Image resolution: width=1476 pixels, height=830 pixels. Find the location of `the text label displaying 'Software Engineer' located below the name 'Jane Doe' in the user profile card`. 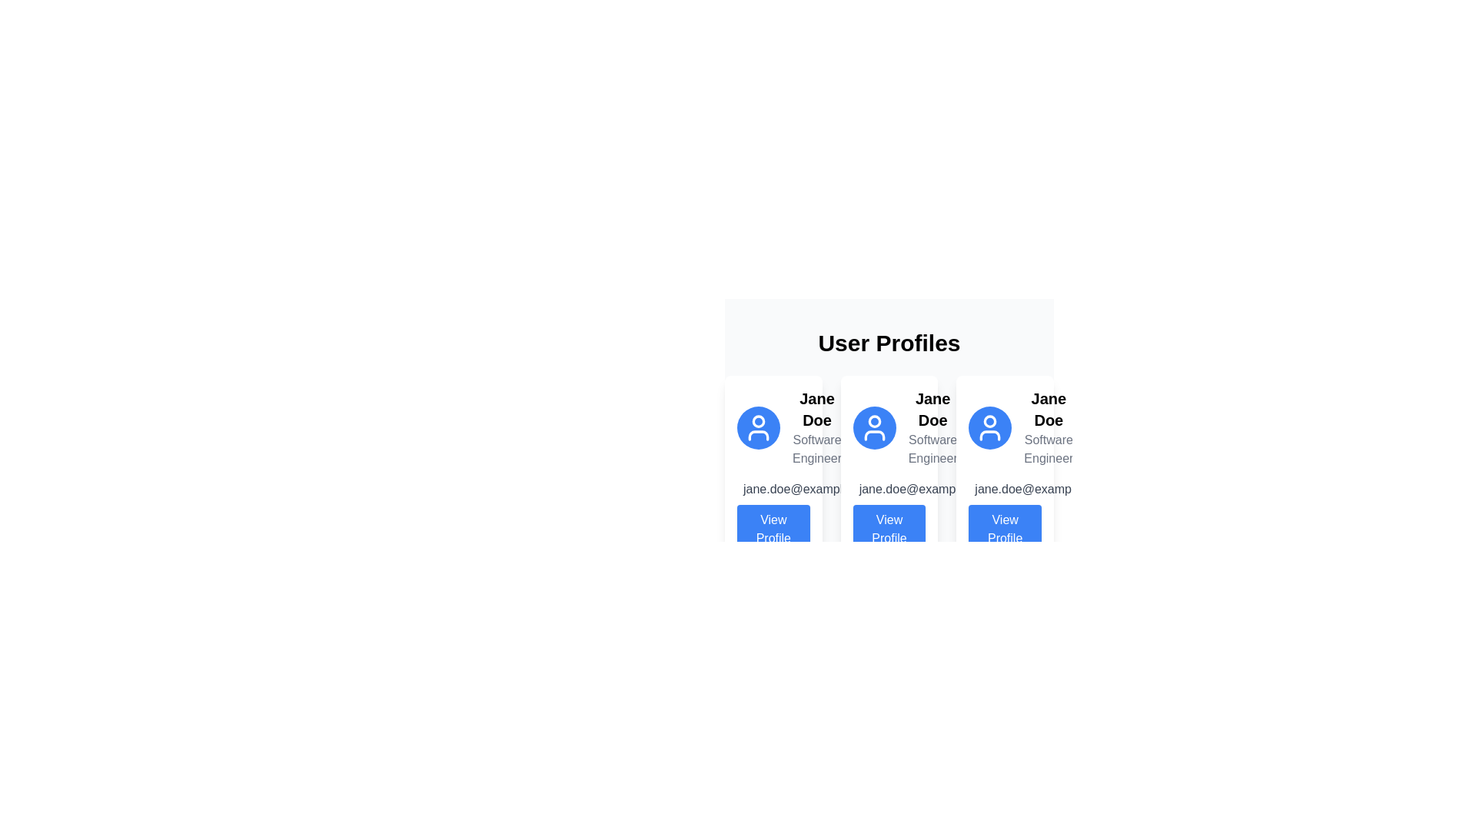

the text label displaying 'Software Engineer' located below the name 'Jane Doe' in the user profile card is located at coordinates (816, 450).